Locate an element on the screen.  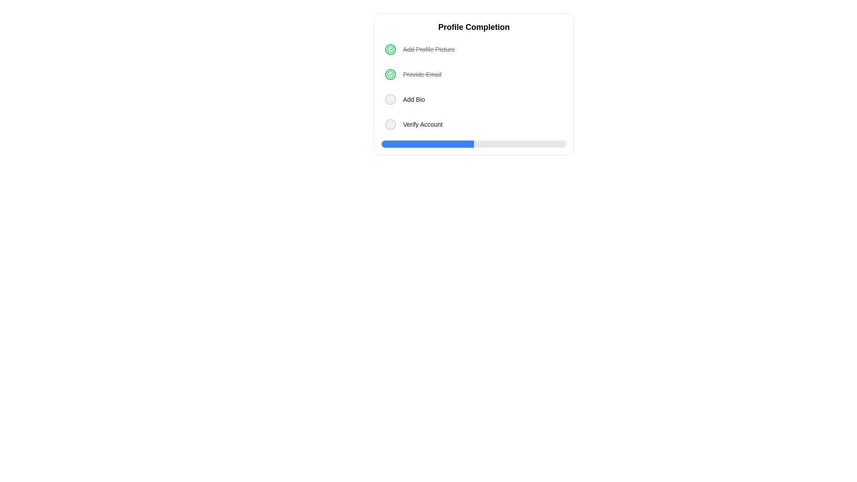
the progress represented by the horizontal progress bar located at the bottom of the 'Profile Completion' card, which shows approximately 50% completion with a blue filled portion is located at coordinates (473, 144).